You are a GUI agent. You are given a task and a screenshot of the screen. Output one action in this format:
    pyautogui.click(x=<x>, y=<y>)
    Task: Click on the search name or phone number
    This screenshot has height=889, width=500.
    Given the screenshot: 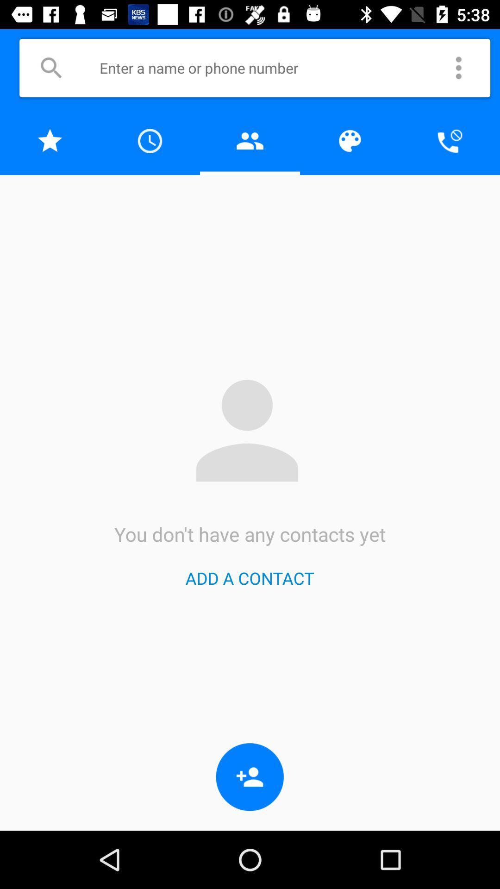 What is the action you would take?
    pyautogui.click(x=268, y=67)
    